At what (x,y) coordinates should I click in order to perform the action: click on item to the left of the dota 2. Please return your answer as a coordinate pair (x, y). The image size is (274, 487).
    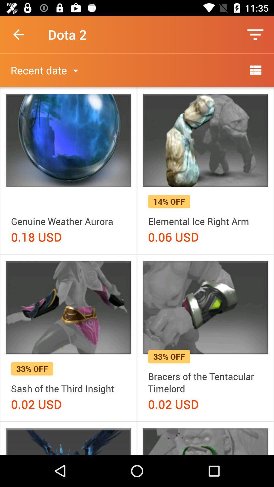
    Looking at the image, I should click on (18, 34).